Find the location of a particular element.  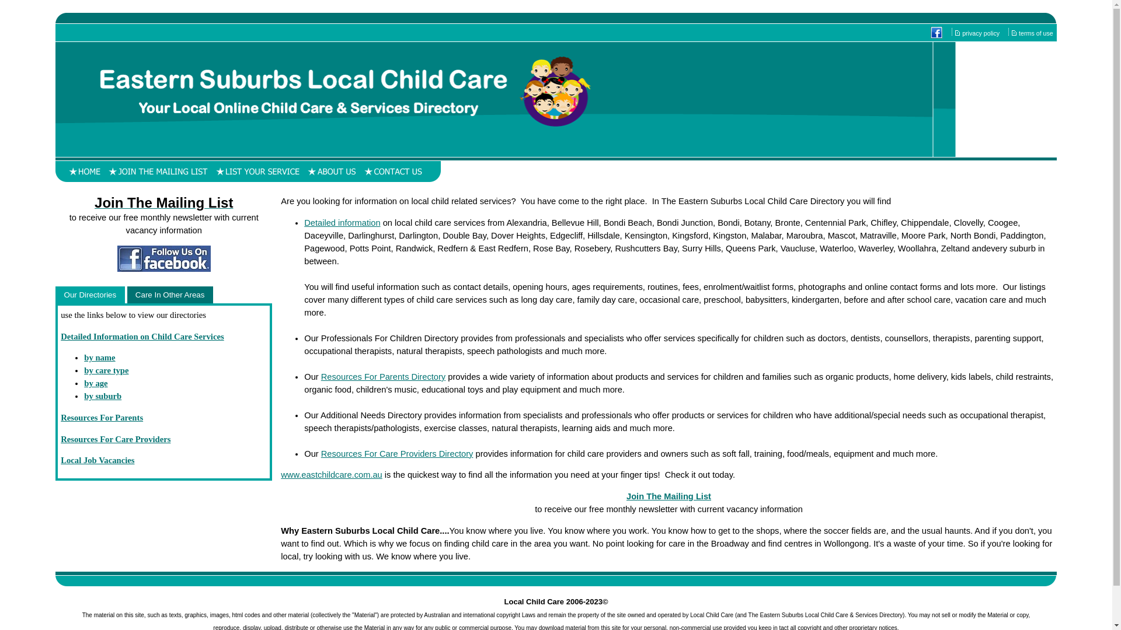

'Detailed information' is located at coordinates (341, 222).